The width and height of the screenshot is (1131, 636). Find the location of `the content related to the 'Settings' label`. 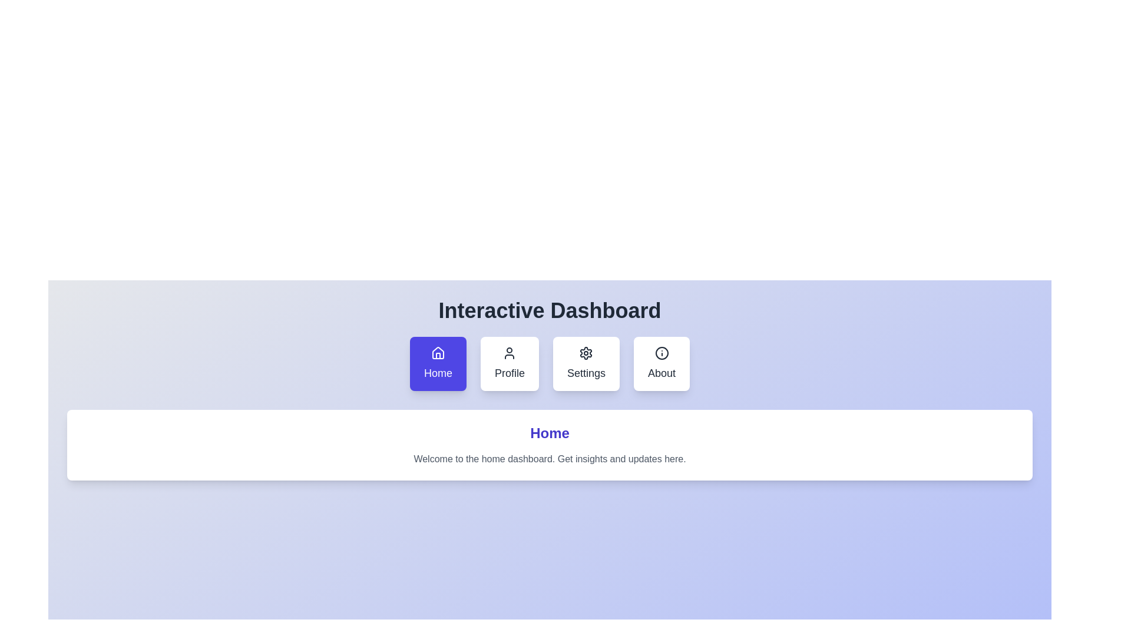

the content related to the 'Settings' label is located at coordinates (586, 373).